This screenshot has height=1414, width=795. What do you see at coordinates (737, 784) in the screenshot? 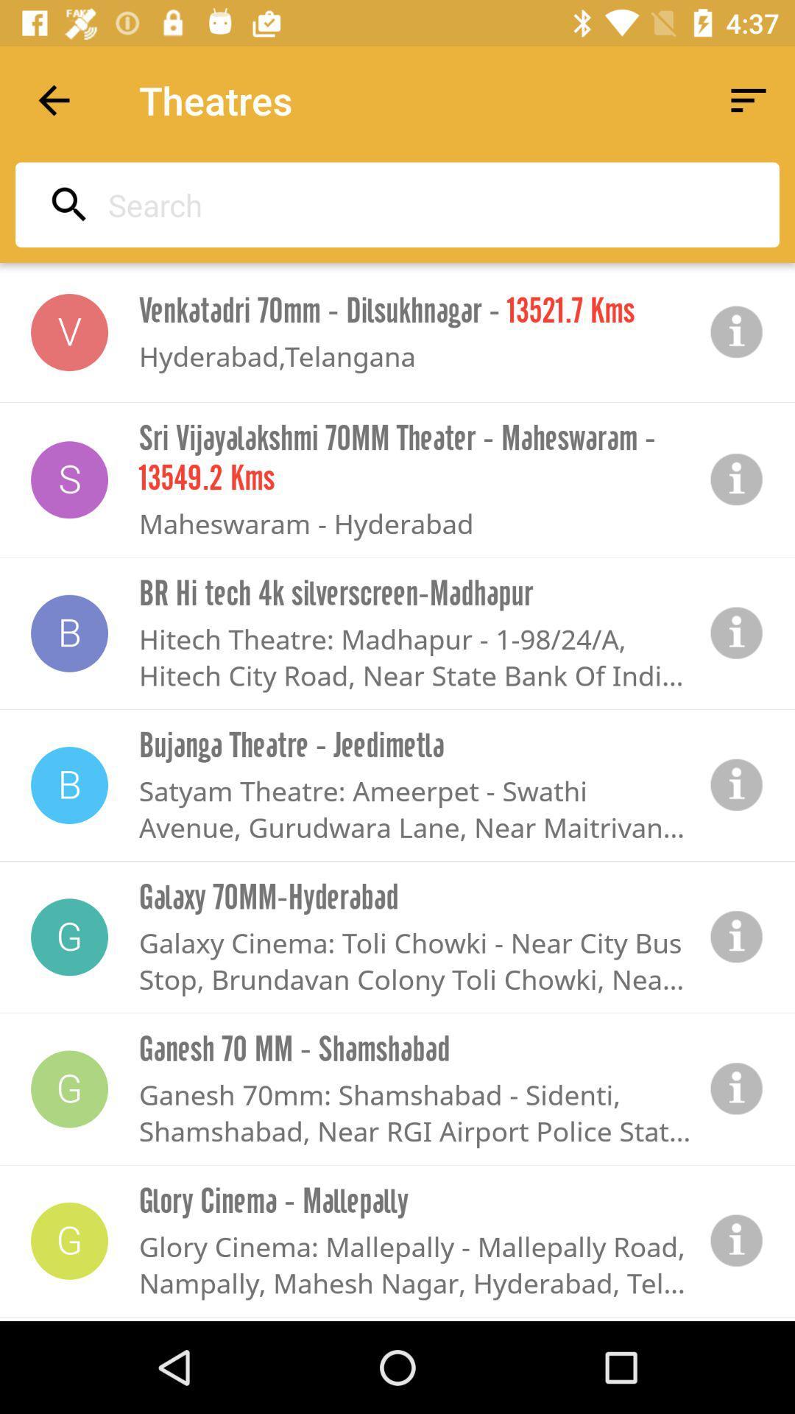
I see `more information about this option` at bounding box center [737, 784].